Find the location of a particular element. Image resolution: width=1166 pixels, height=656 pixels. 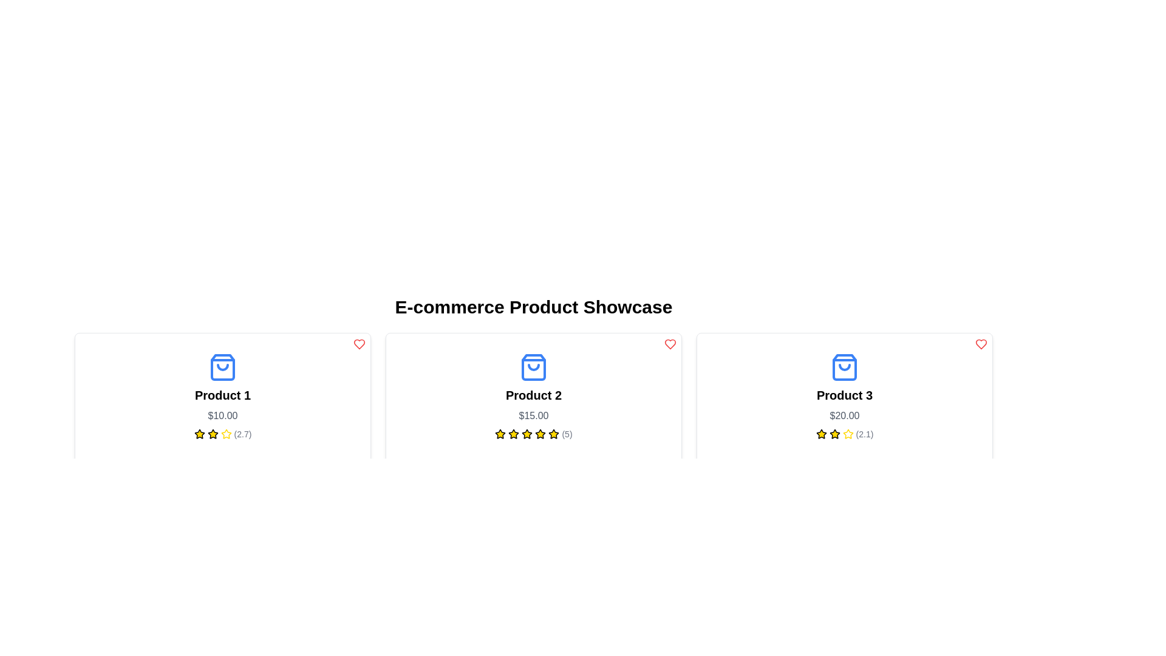

the second star icon (filled gold) in the rating system for 'Product 2' is located at coordinates (514, 433).